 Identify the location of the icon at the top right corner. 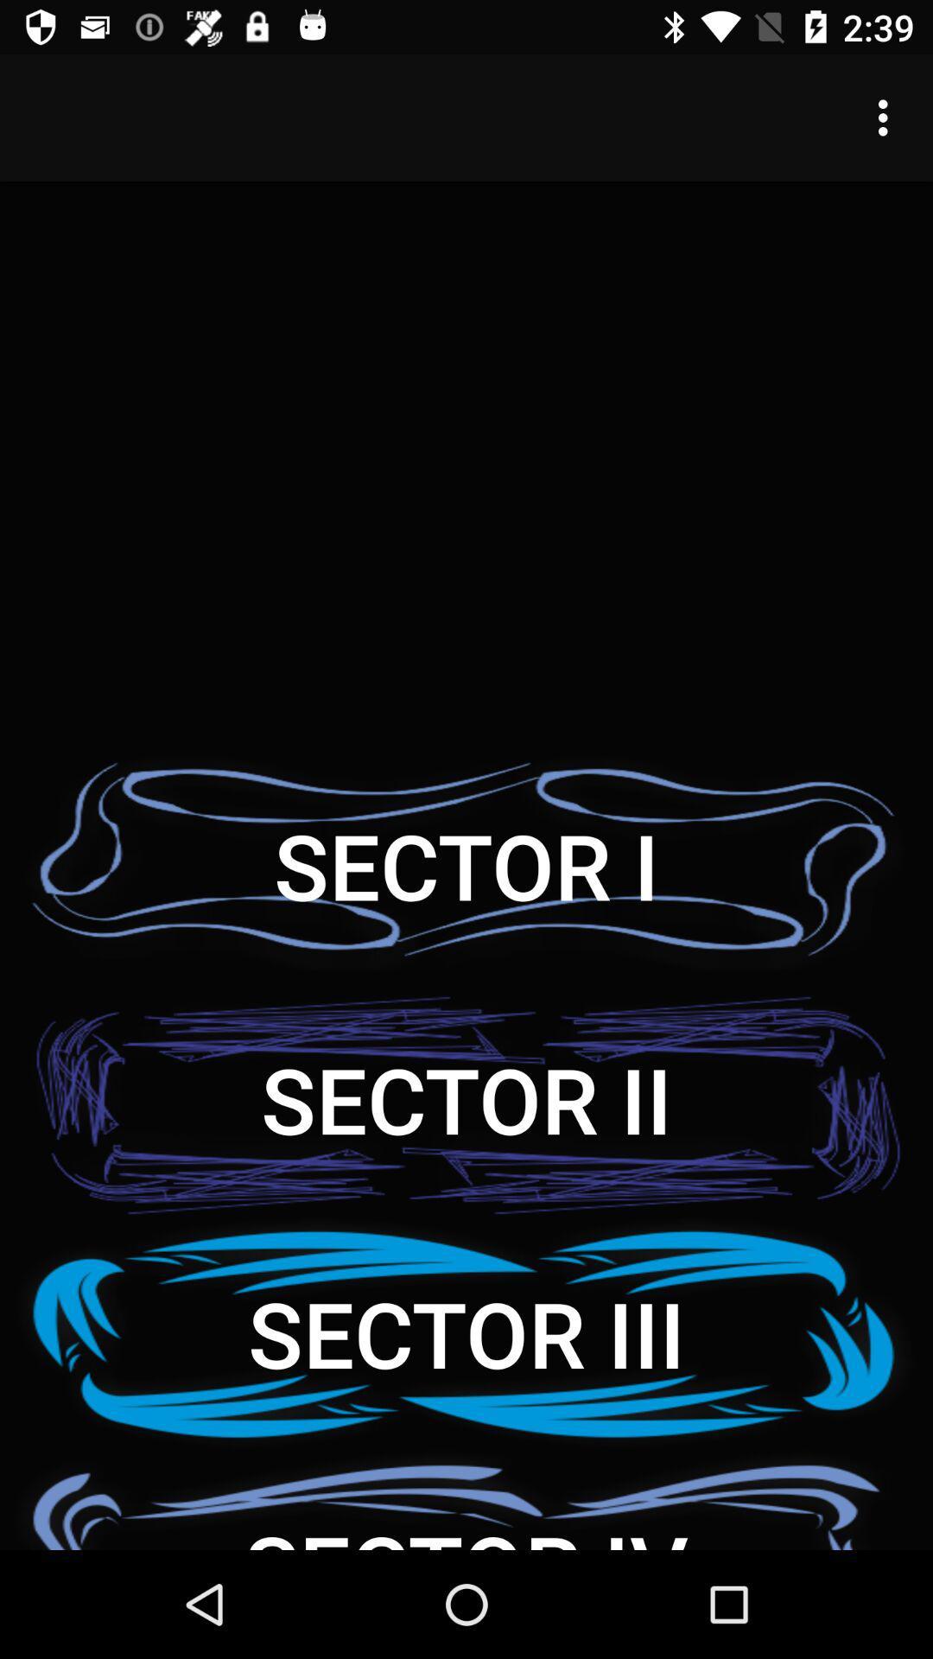
(887, 117).